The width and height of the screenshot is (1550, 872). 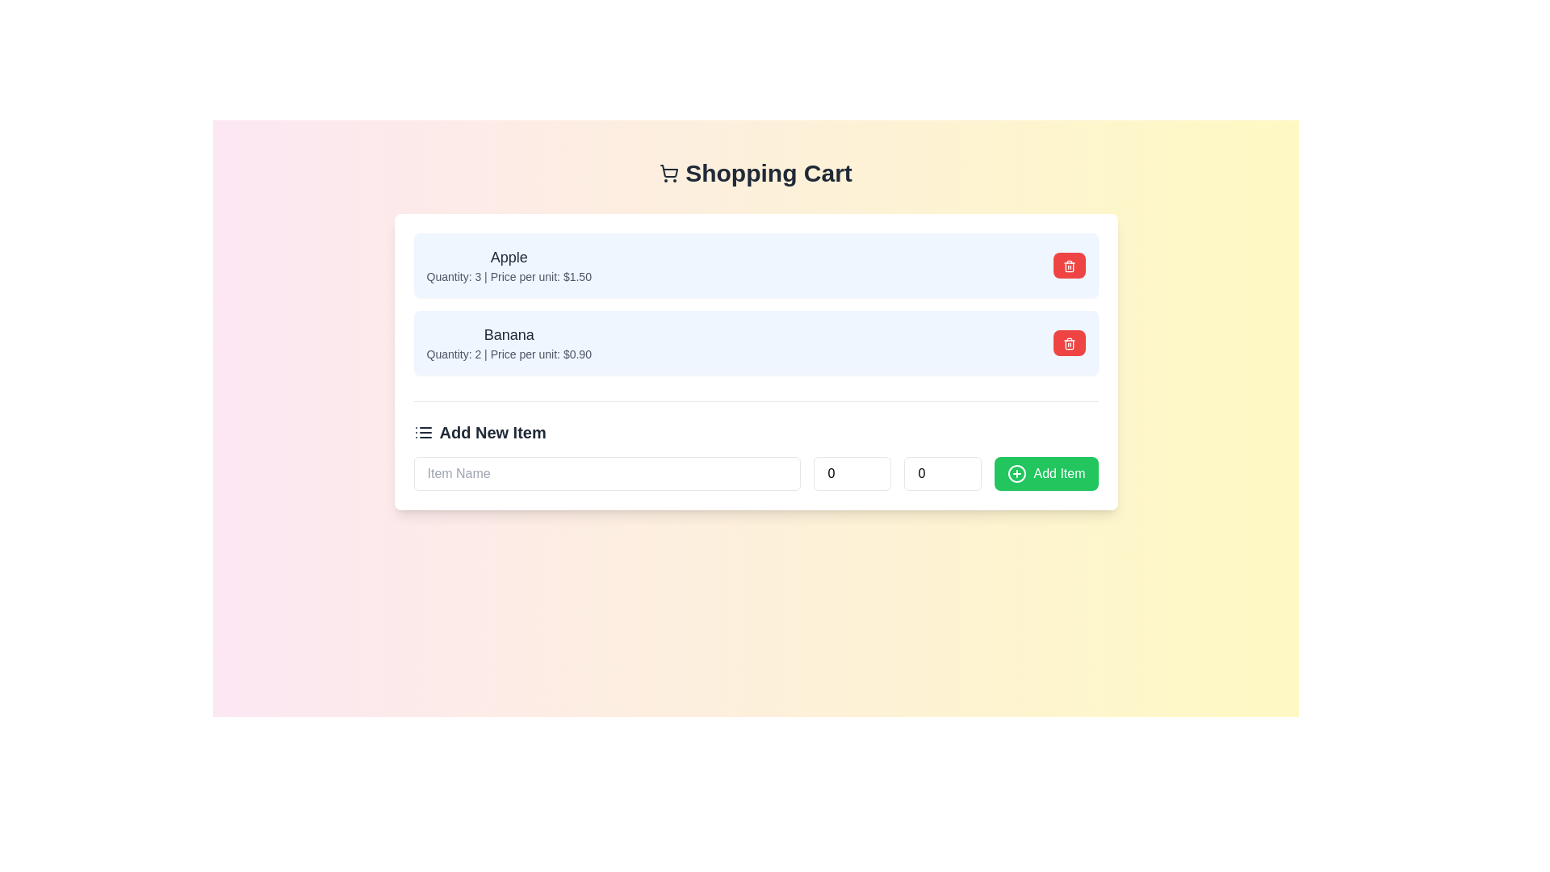 What do you see at coordinates (1069, 342) in the screenshot?
I see `the red button with a trash bin icon located at the right end of the second item's row, corresponding to 'Banana', to change its shade` at bounding box center [1069, 342].